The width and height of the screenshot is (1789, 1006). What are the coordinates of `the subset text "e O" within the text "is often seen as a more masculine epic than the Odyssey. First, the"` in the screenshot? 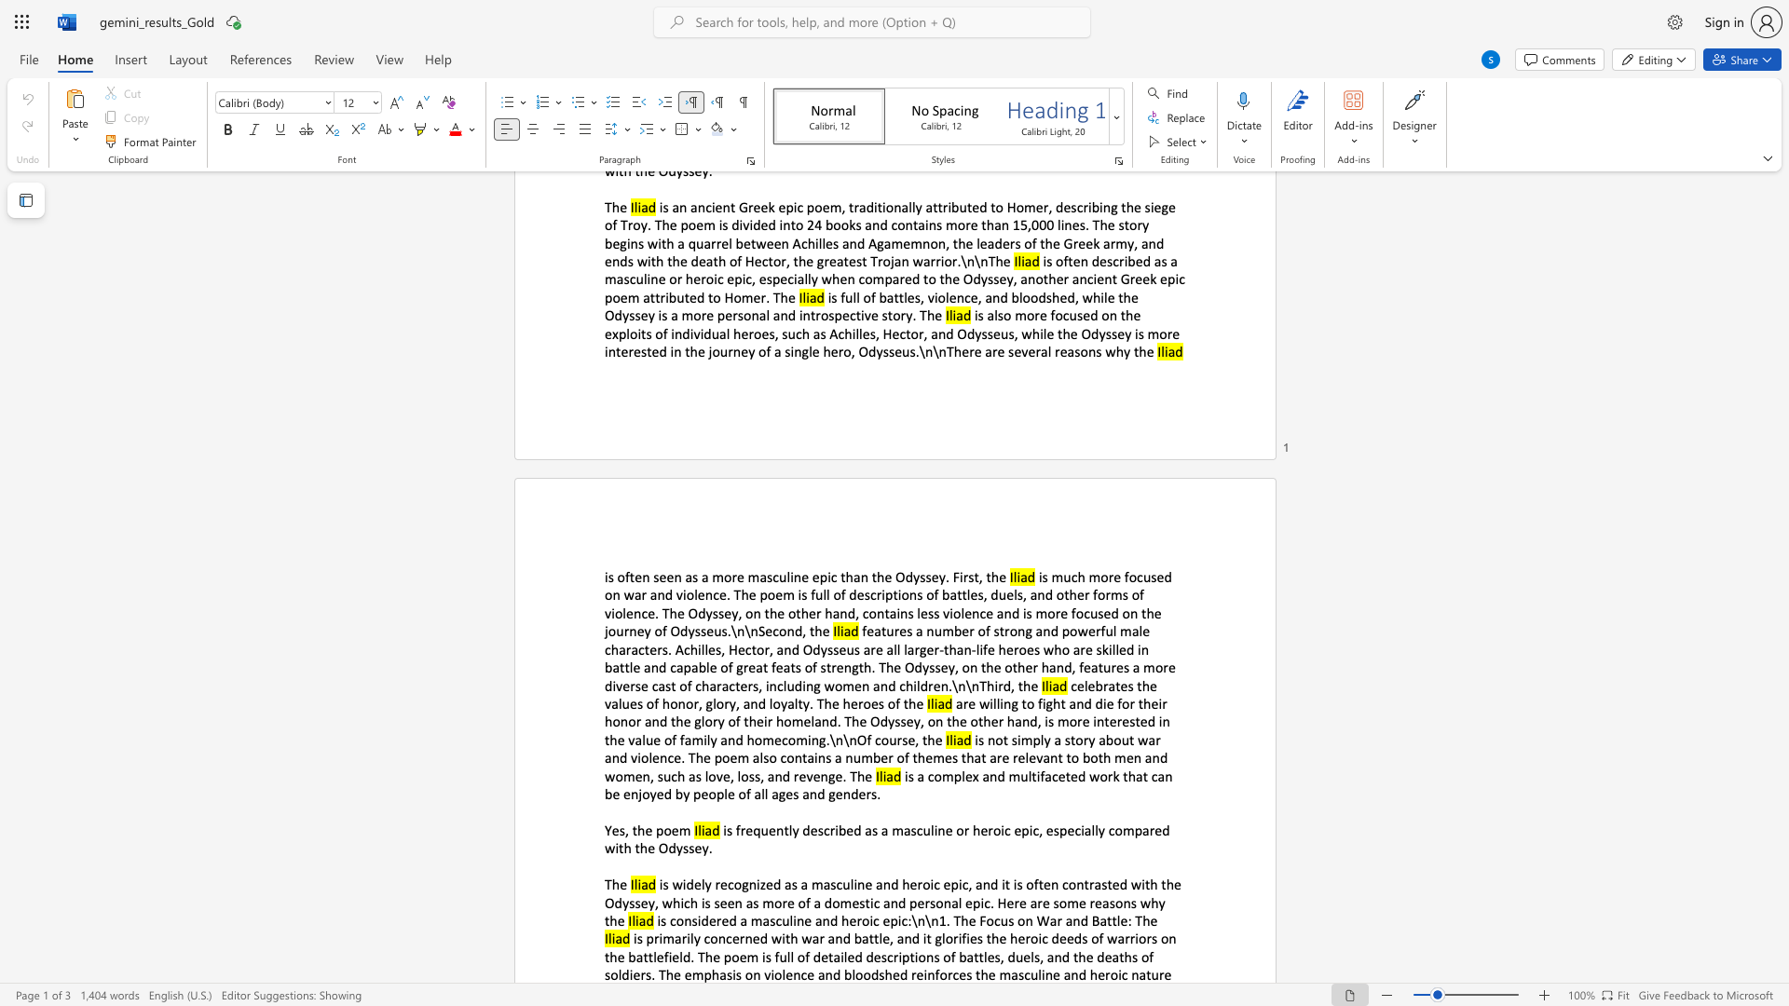 It's located at (883, 576).